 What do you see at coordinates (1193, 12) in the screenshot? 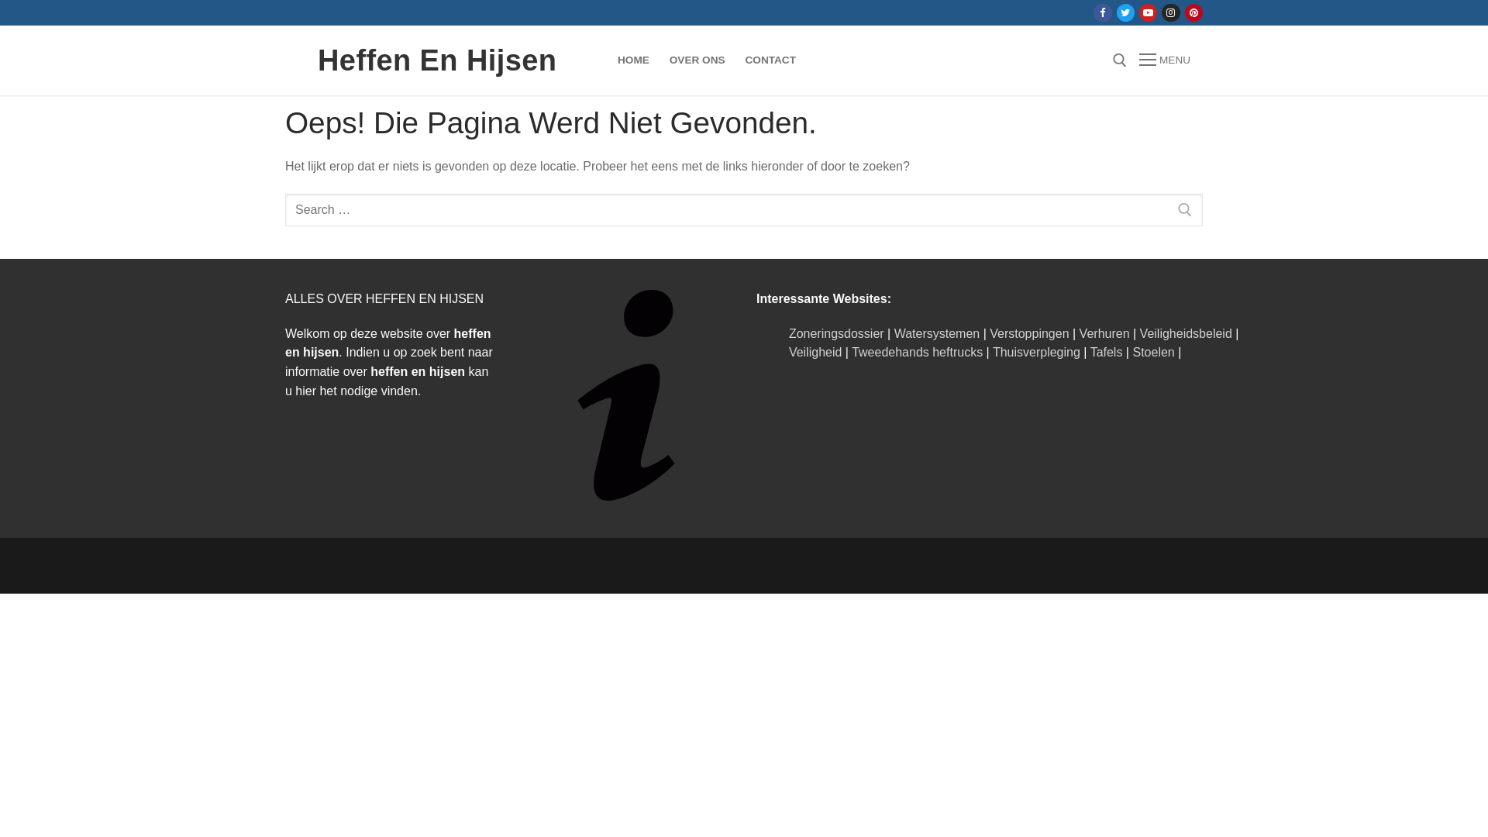
I see `'Pinterest'` at bounding box center [1193, 12].